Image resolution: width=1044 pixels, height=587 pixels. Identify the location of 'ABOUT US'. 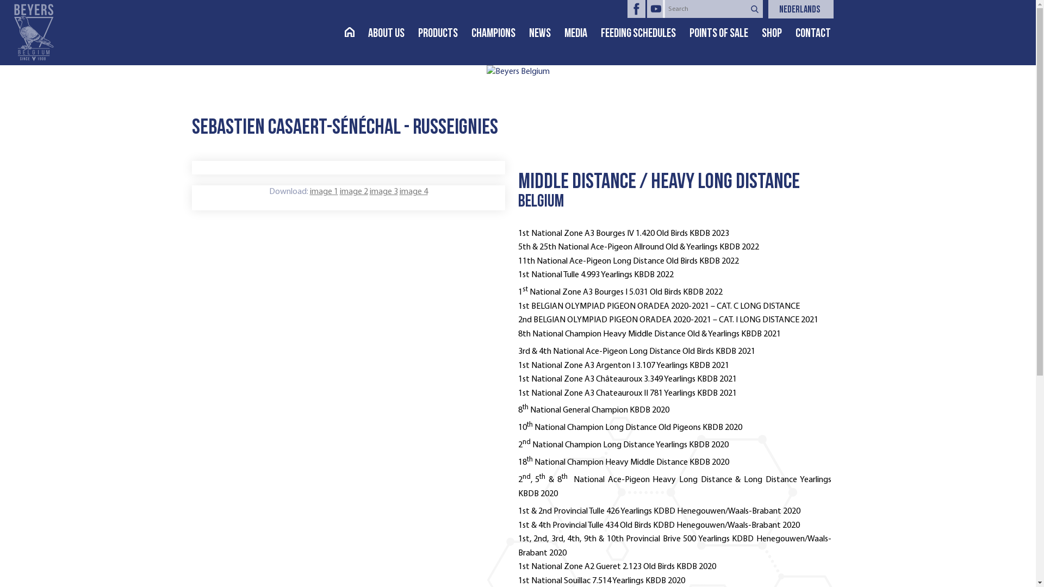
(391, 33).